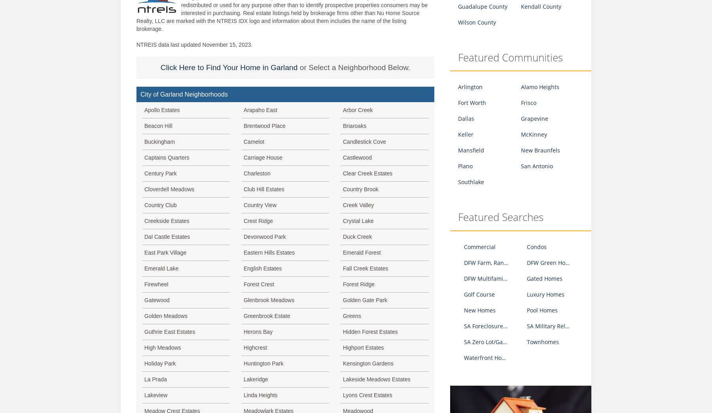  What do you see at coordinates (533, 134) in the screenshot?
I see `'McKinney'` at bounding box center [533, 134].